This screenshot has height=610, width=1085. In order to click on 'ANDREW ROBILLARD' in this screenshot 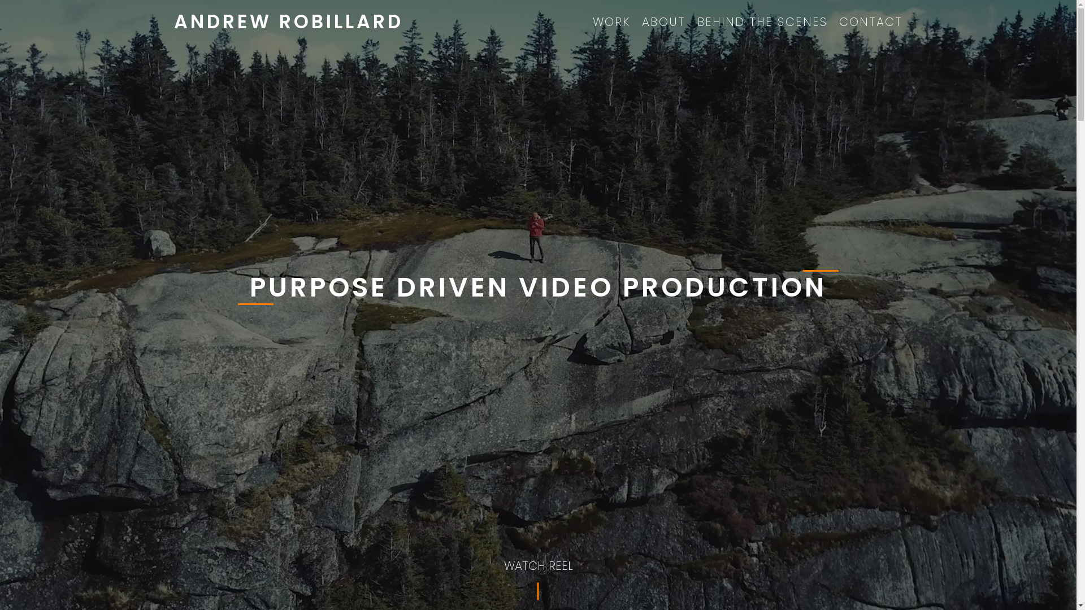, I will do `click(288, 21)`.